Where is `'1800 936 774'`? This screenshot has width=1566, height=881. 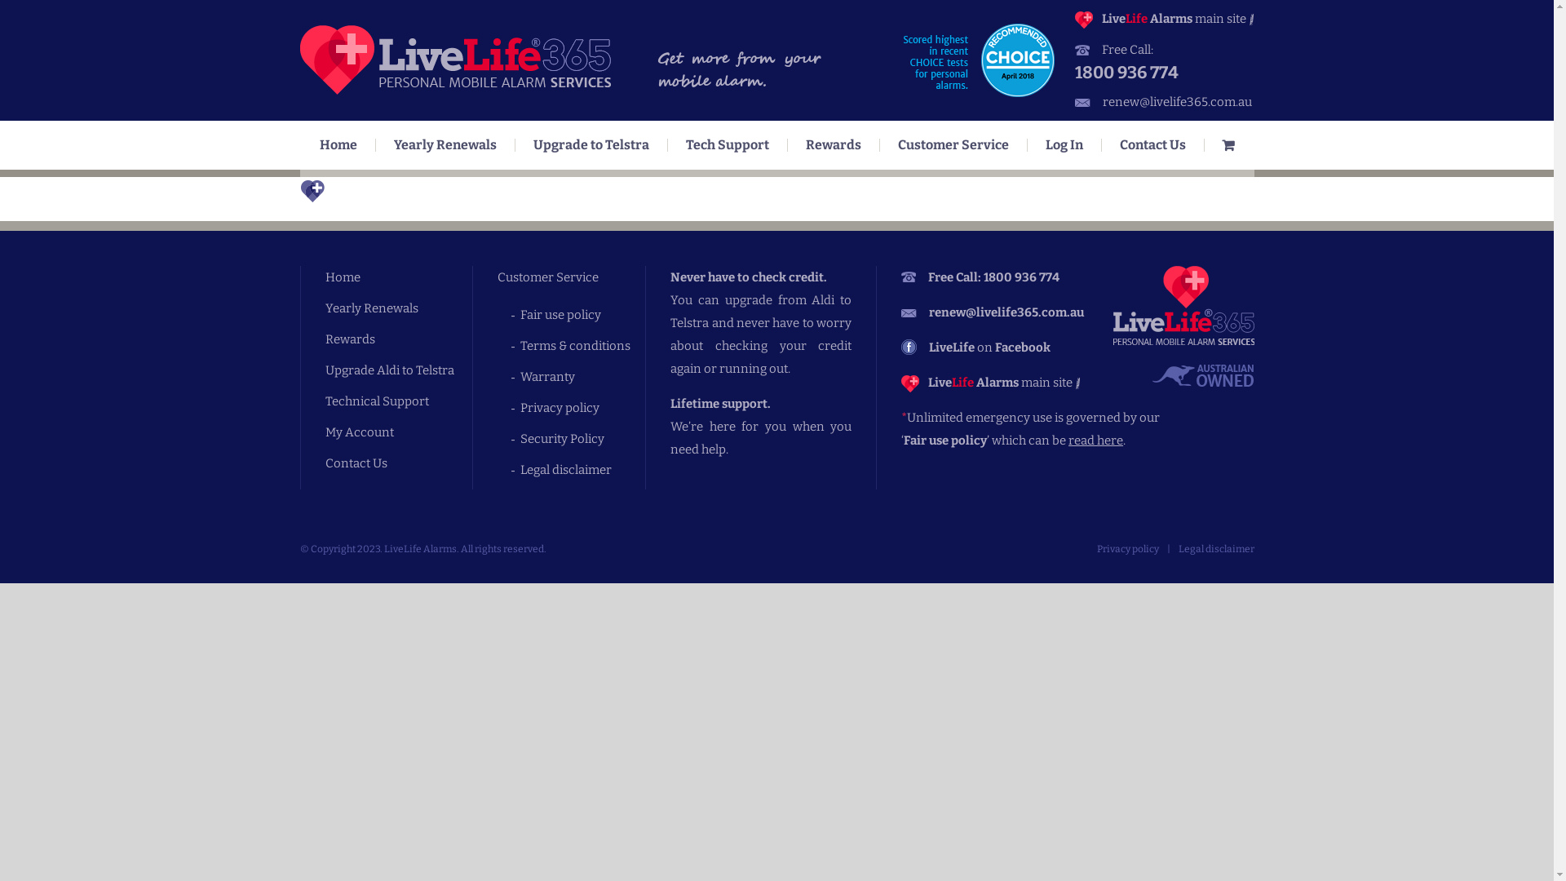 '1800 936 774' is located at coordinates (1163, 71).